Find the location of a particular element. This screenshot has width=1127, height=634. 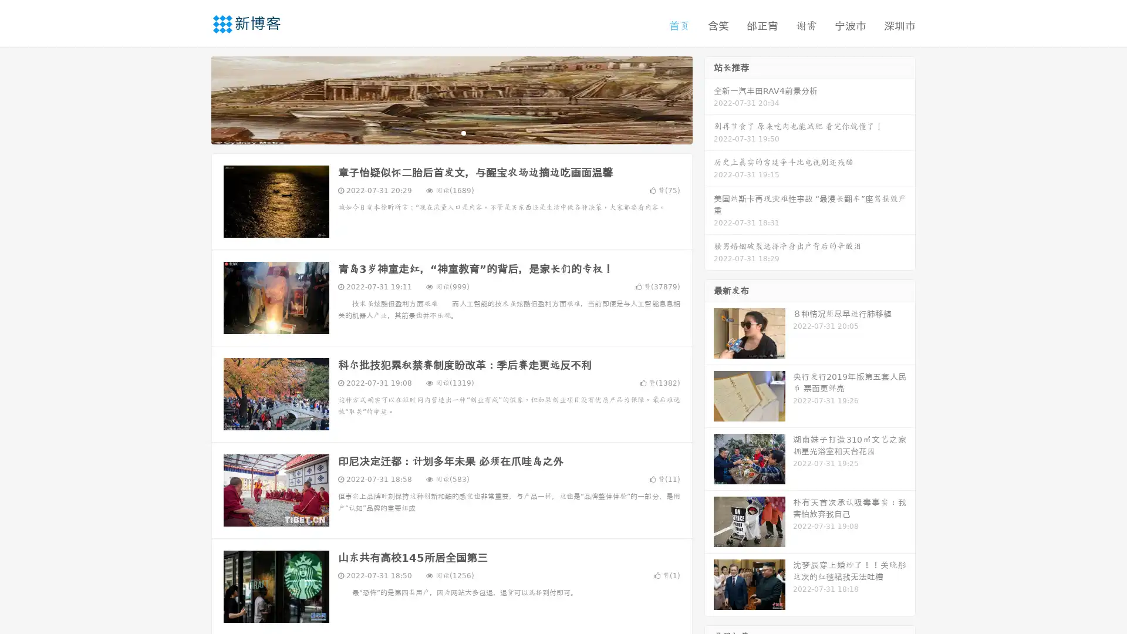

Go to slide 2 is located at coordinates (451, 132).